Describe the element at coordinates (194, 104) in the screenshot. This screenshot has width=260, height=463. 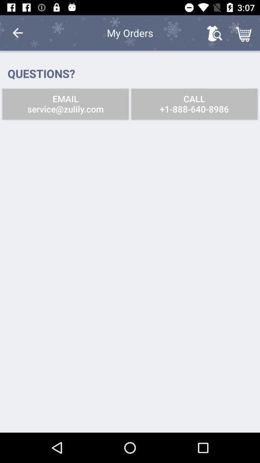
I see `the call 1 888 item` at that location.